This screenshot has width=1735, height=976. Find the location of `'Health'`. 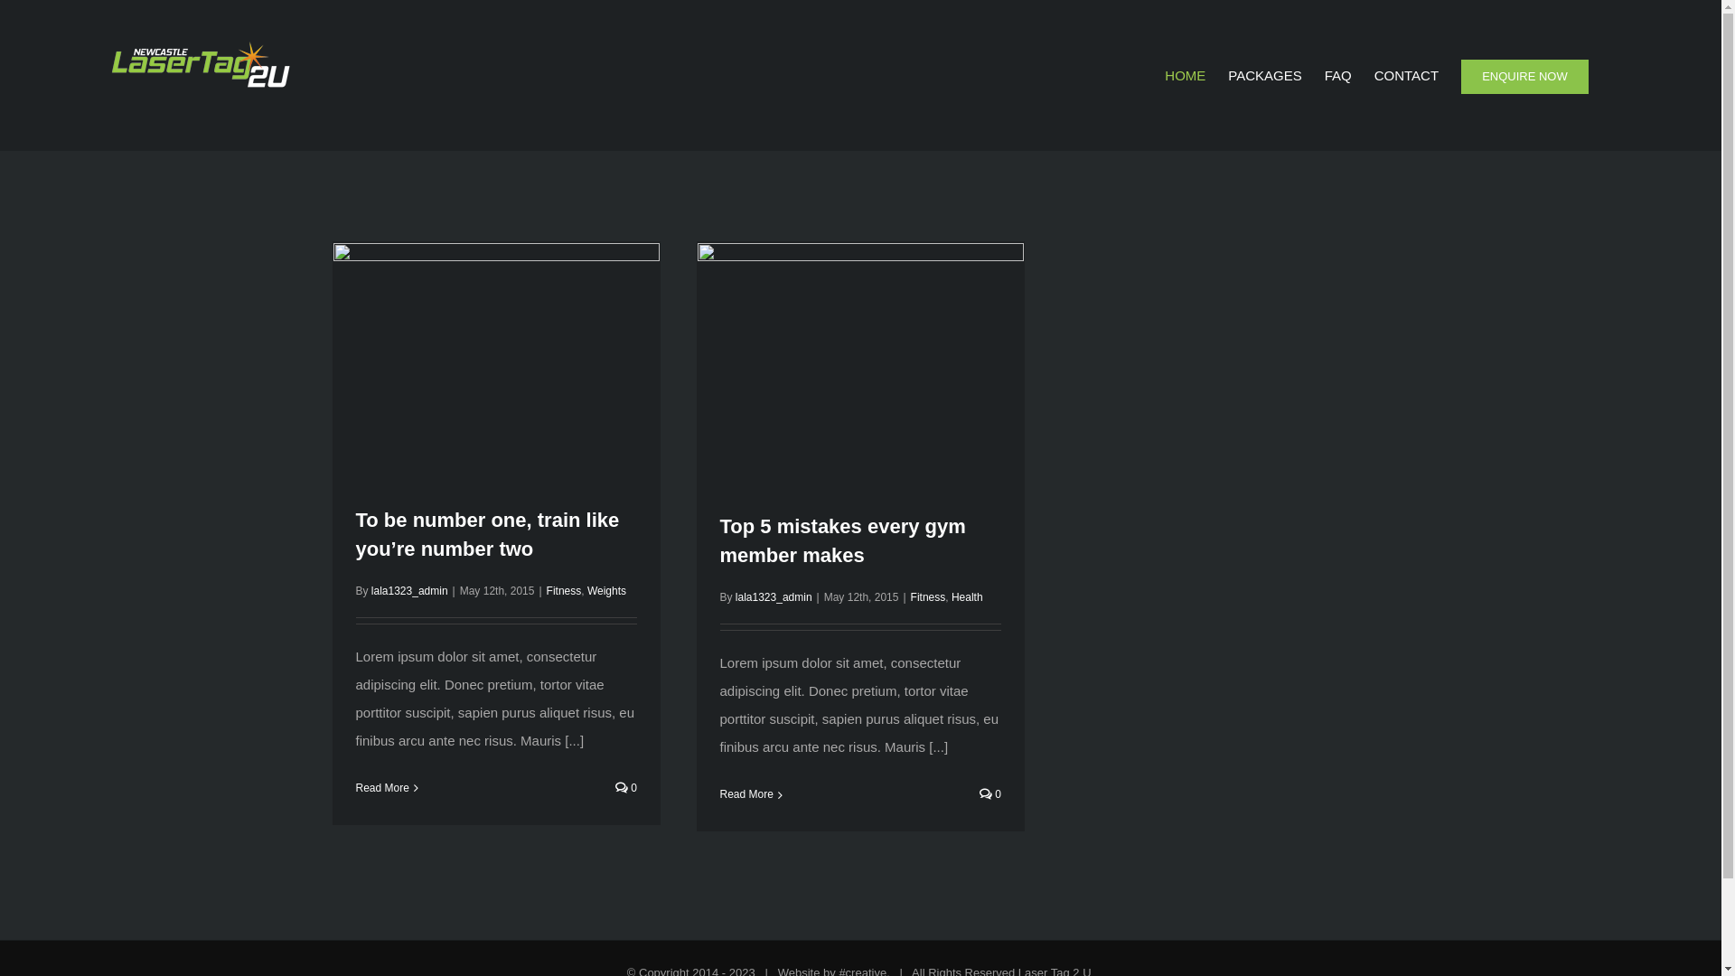

'Health' is located at coordinates (966, 596).